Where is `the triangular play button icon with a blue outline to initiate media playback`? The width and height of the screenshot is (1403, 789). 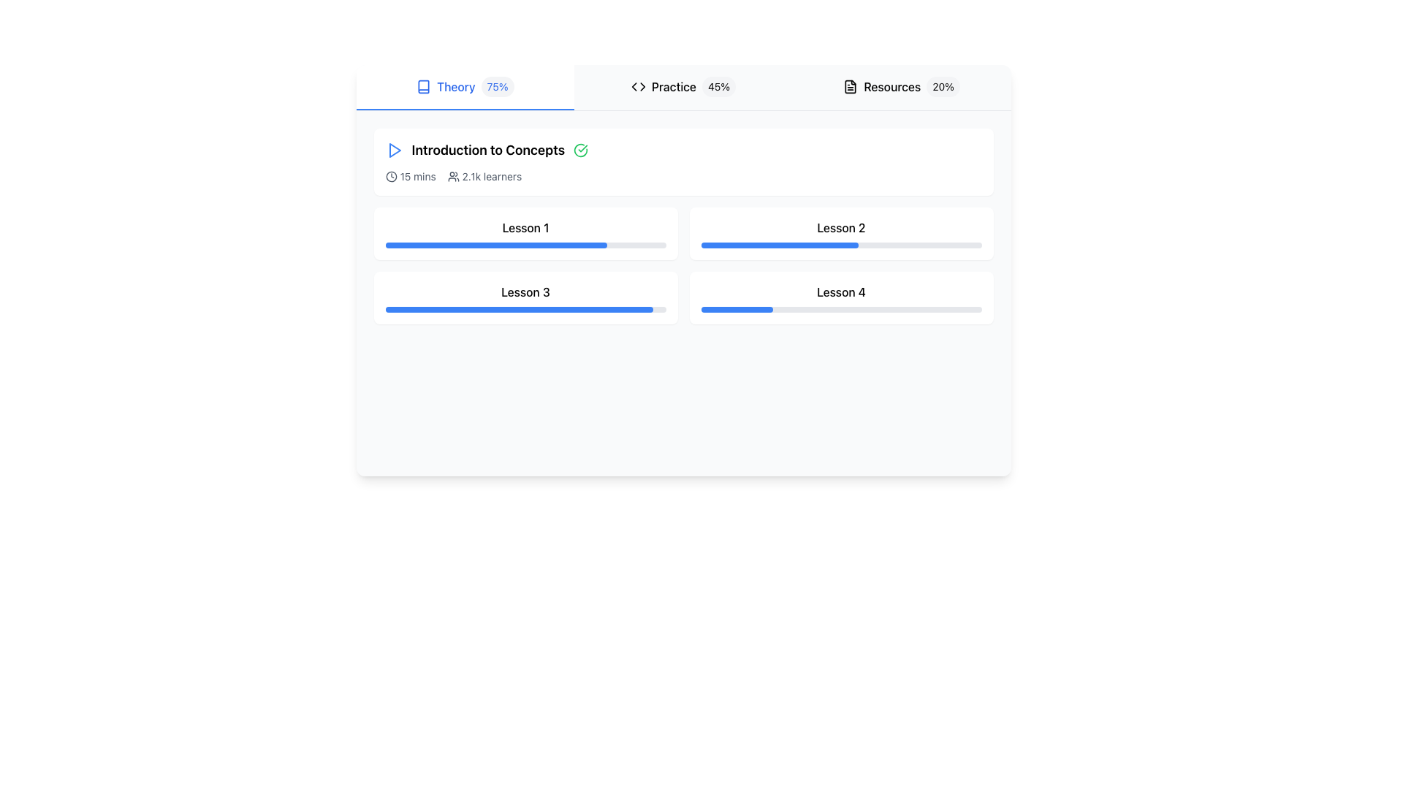 the triangular play button icon with a blue outline to initiate media playback is located at coordinates (394, 150).